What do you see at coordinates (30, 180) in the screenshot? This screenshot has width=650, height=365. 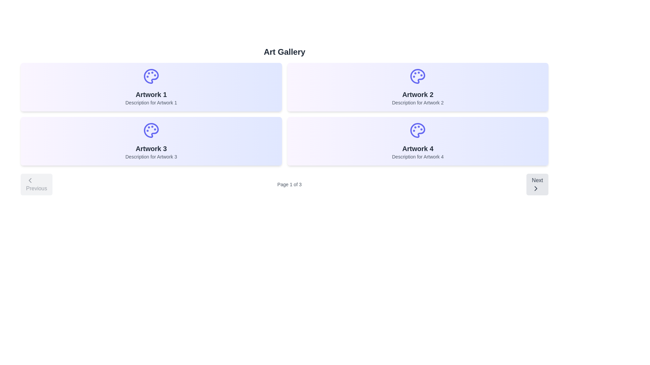 I see `the left arrow icon located in the bottom-left corner of the interface` at bounding box center [30, 180].